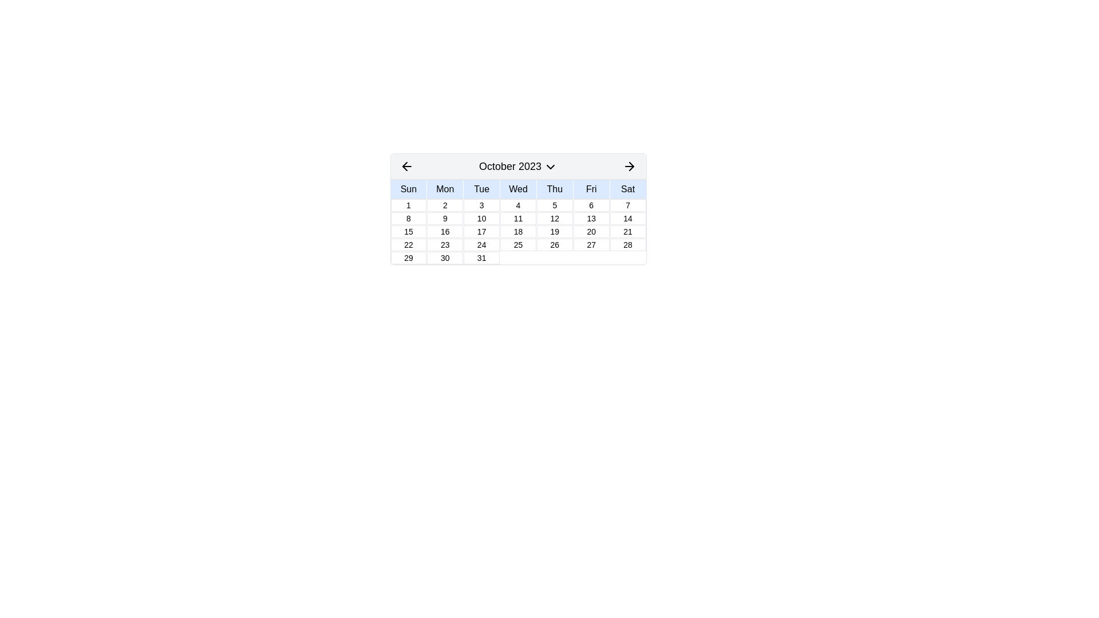  I want to click on the Calendar Date Cell displaying the date '15', which is located in the third row and first column of the calendar grid, so click(408, 232).